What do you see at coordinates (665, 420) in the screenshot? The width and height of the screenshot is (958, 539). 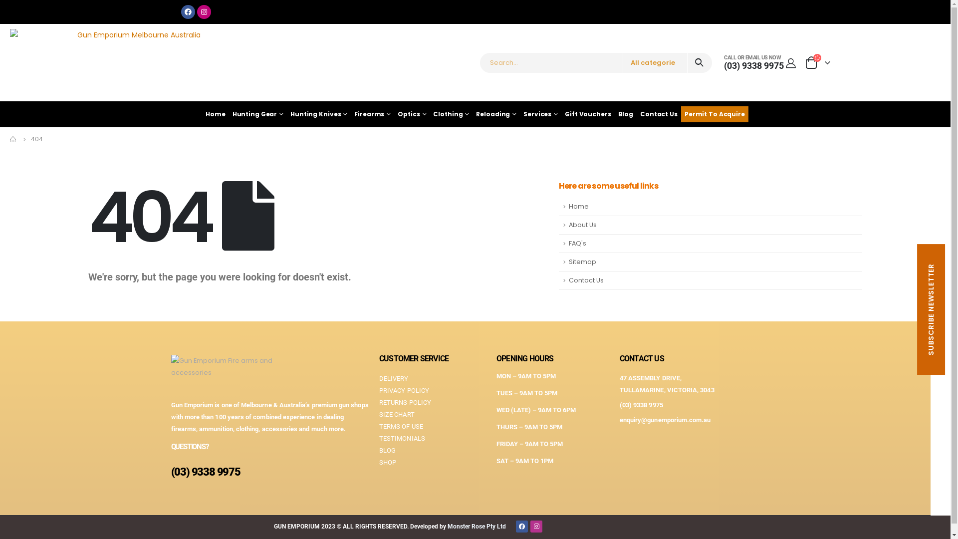 I see `'enquiry@gunemporium.com.au'` at bounding box center [665, 420].